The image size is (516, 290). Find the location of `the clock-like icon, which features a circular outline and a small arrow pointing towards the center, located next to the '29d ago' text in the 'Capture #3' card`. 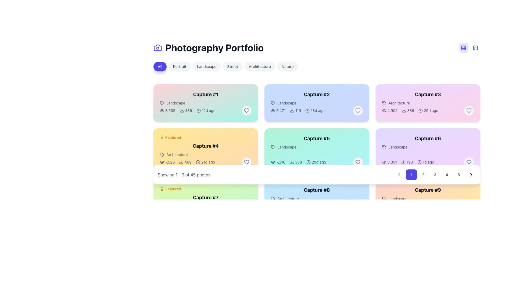

the clock-like icon, which features a circular outline and a small arrow pointing towards the center, located next to the '29d ago' text in the 'Capture #3' card is located at coordinates (420, 110).